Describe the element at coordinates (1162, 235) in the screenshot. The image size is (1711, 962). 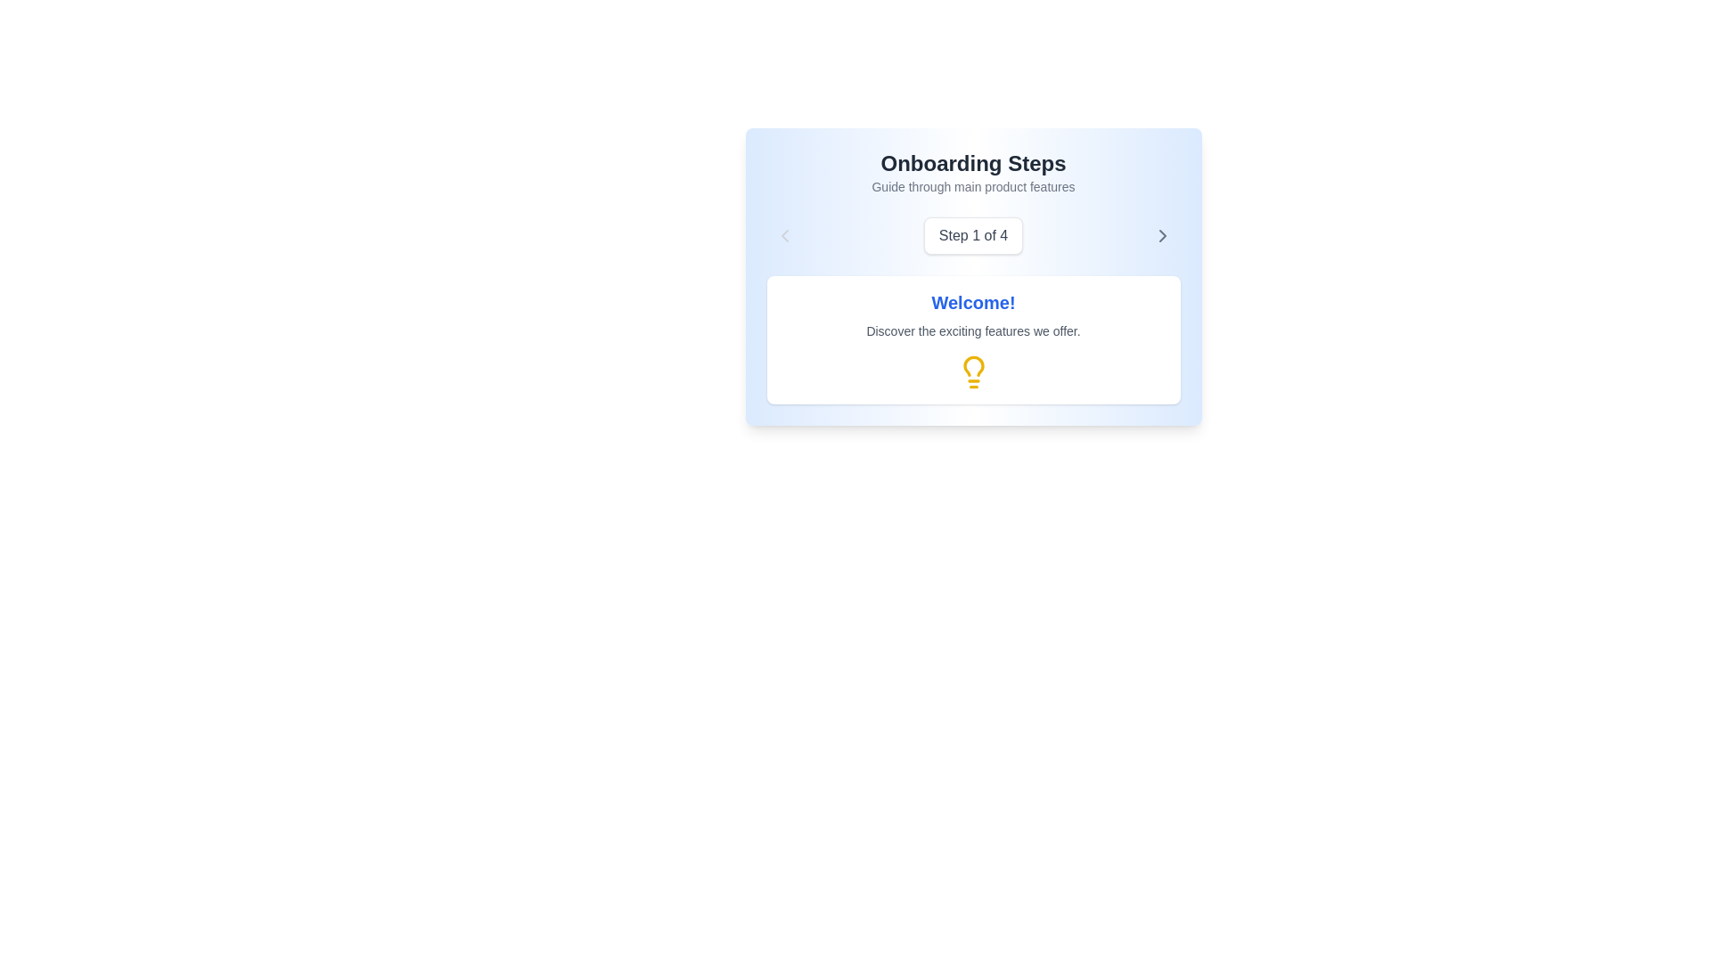
I see `the right chevron icon button located in the upper-right corner of the interface` at that location.